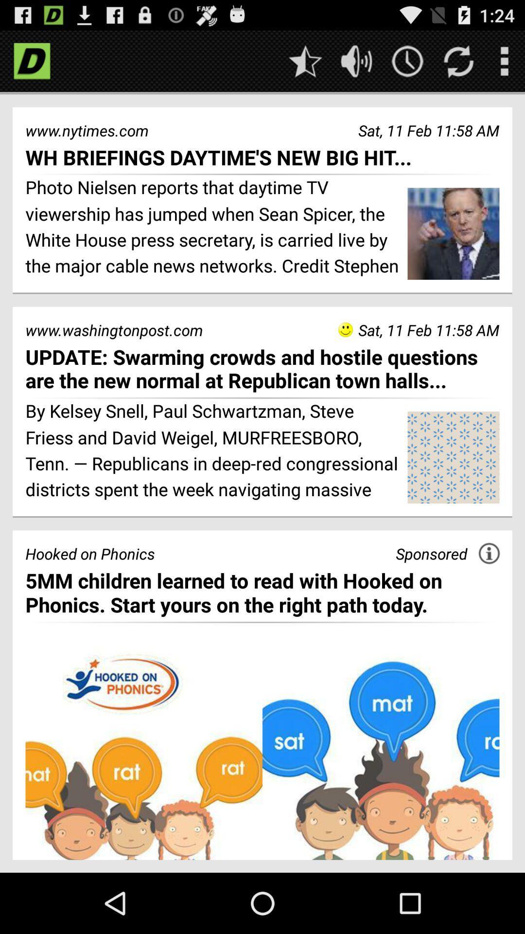 Image resolution: width=525 pixels, height=934 pixels. What do you see at coordinates (305, 60) in the screenshot?
I see `favorite` at bounding box center [305, 60].